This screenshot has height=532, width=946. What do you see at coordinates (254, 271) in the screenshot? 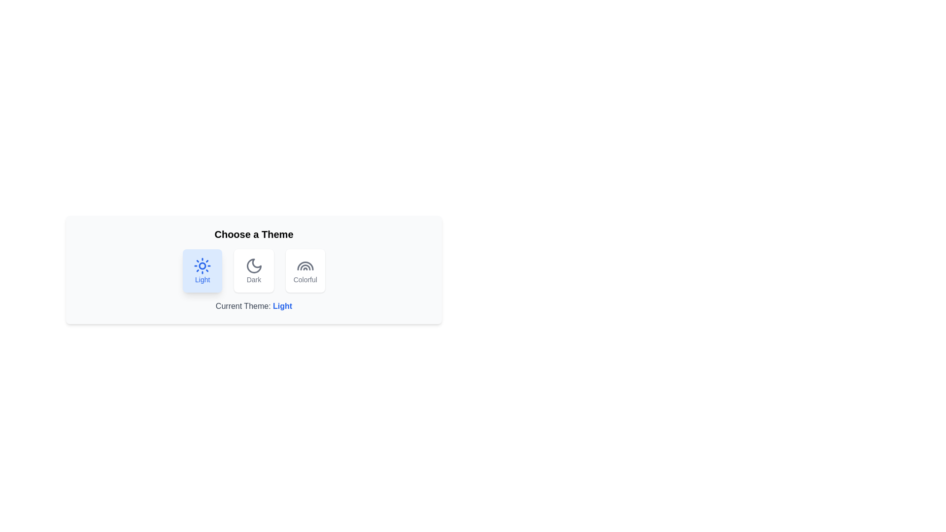
I see `the button corresponding to the theme Dark` at bounding box center [254, 271].